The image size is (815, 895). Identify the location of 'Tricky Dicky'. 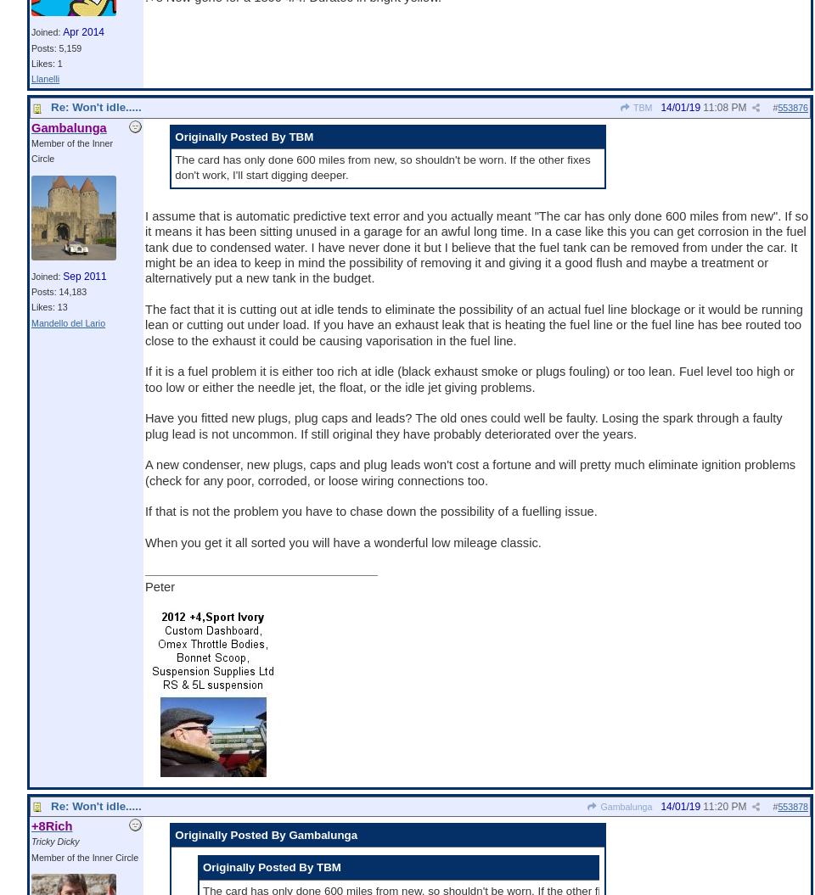
(54, 842).